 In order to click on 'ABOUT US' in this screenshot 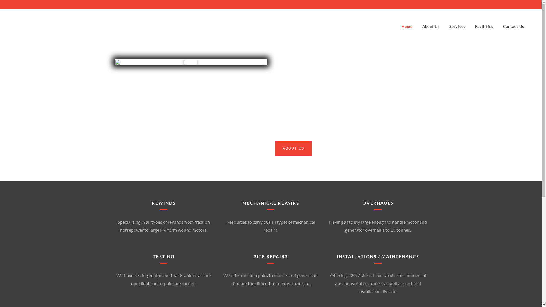, I will do `click(293, 148)`.